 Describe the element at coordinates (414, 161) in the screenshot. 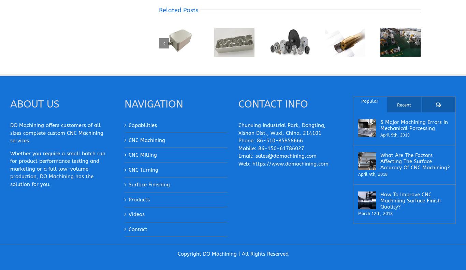

I see `'What Are The Factors Affecting The Surface Accuracy Of CNC Machining?'` at that location.